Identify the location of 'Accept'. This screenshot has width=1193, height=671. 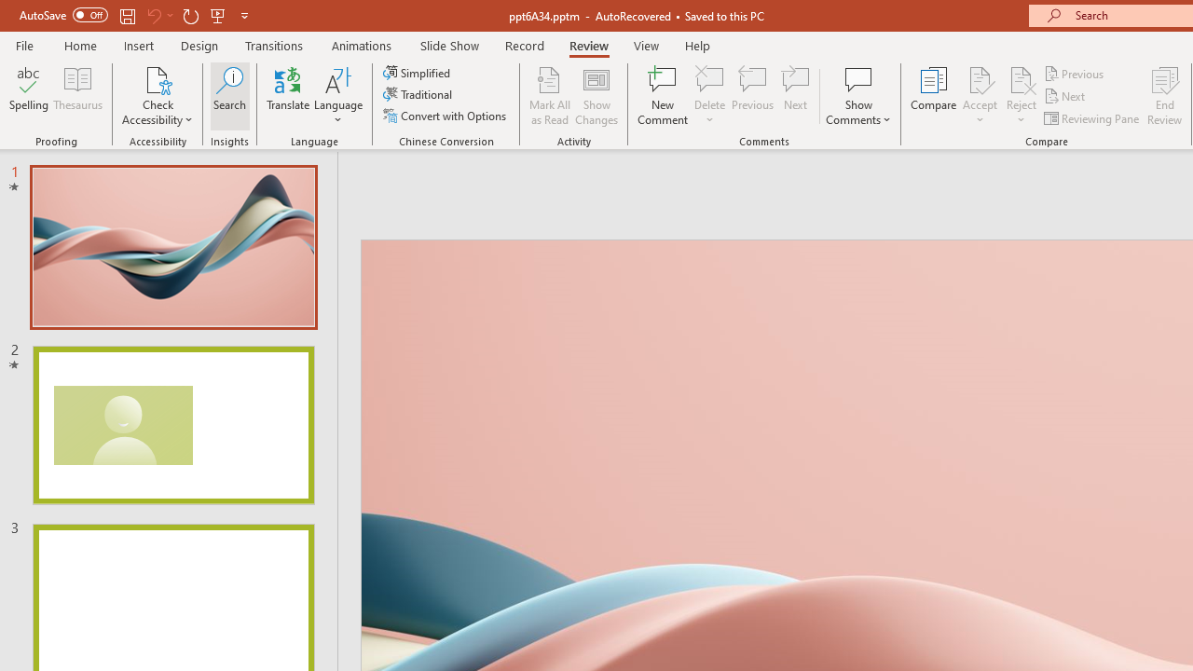
(979, 96).